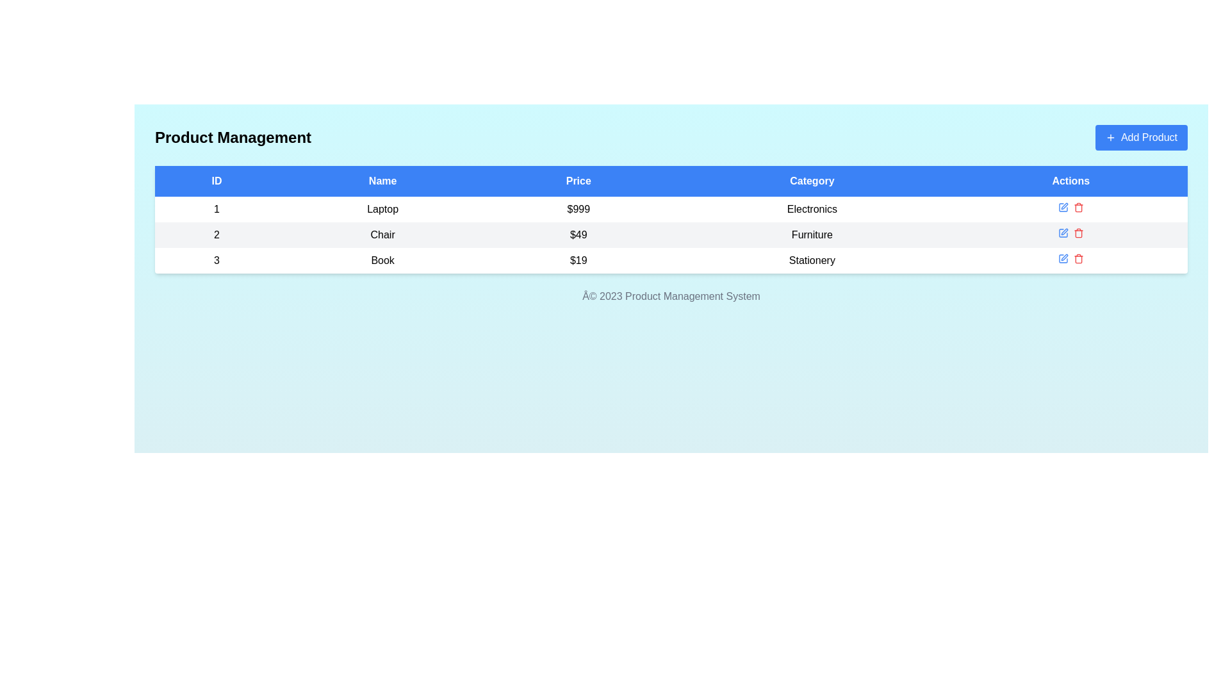 This screenshot has height=692, width=1230. What do you see at coordinates (1063, 233) in the screenshot?
I see `the stylized pen icon in the 'Actions' column associated with the item 'Chair'` at bounding box center [1063, 233].